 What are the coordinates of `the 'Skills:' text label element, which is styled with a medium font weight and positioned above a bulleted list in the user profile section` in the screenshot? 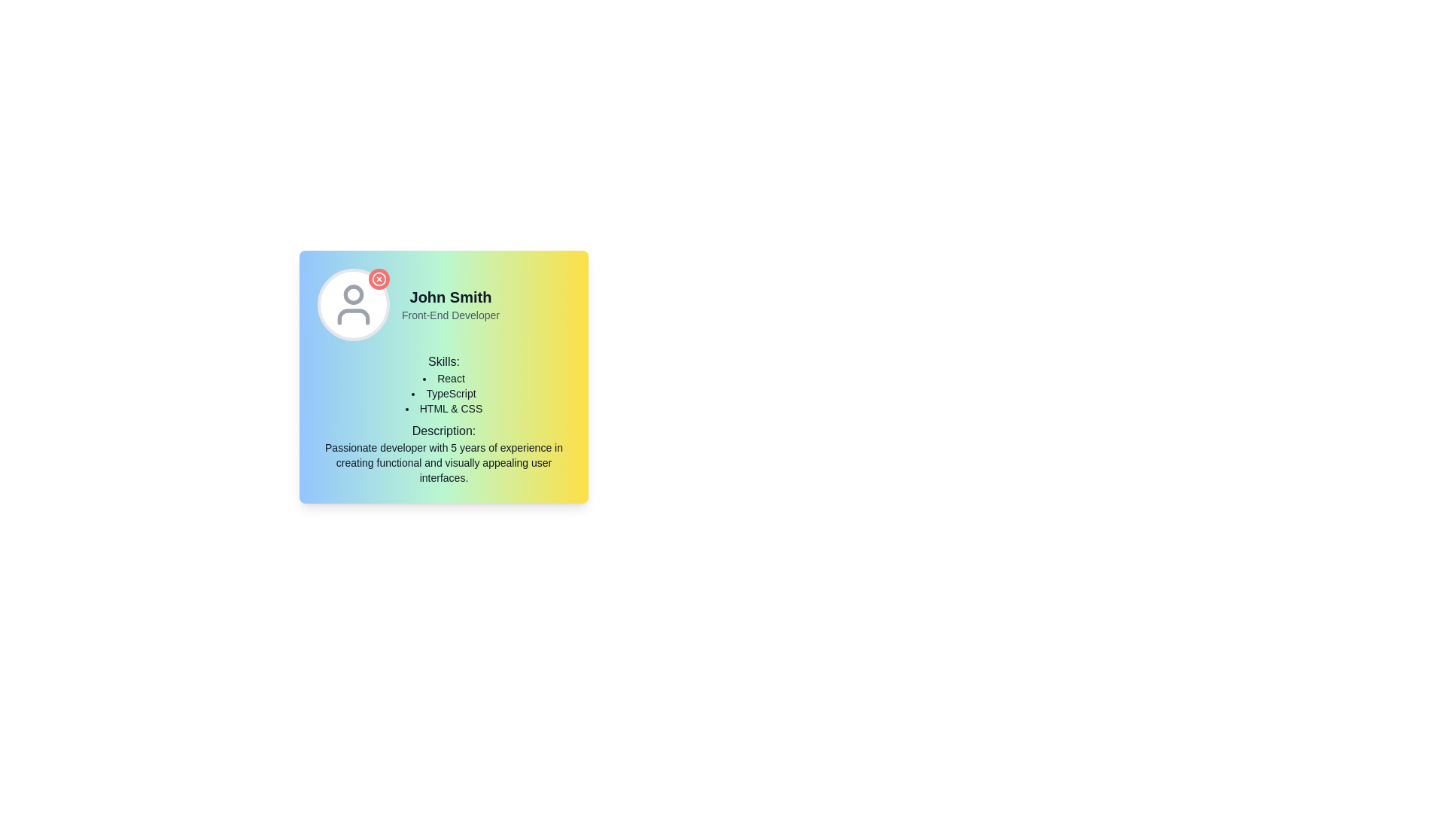 It's located at (443, 362).